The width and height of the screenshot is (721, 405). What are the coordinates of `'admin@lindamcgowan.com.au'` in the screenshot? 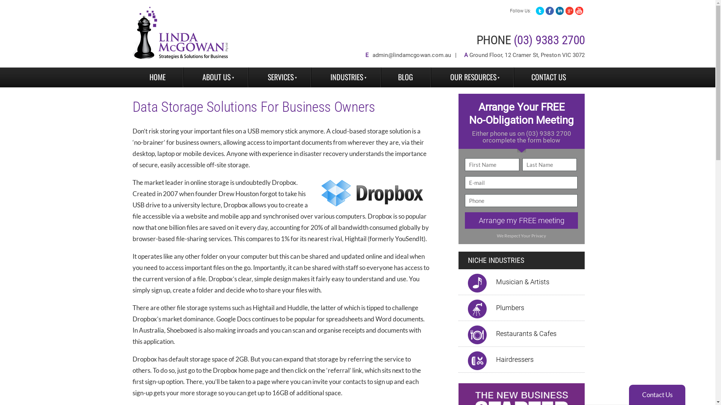 It's located at (412, 54).